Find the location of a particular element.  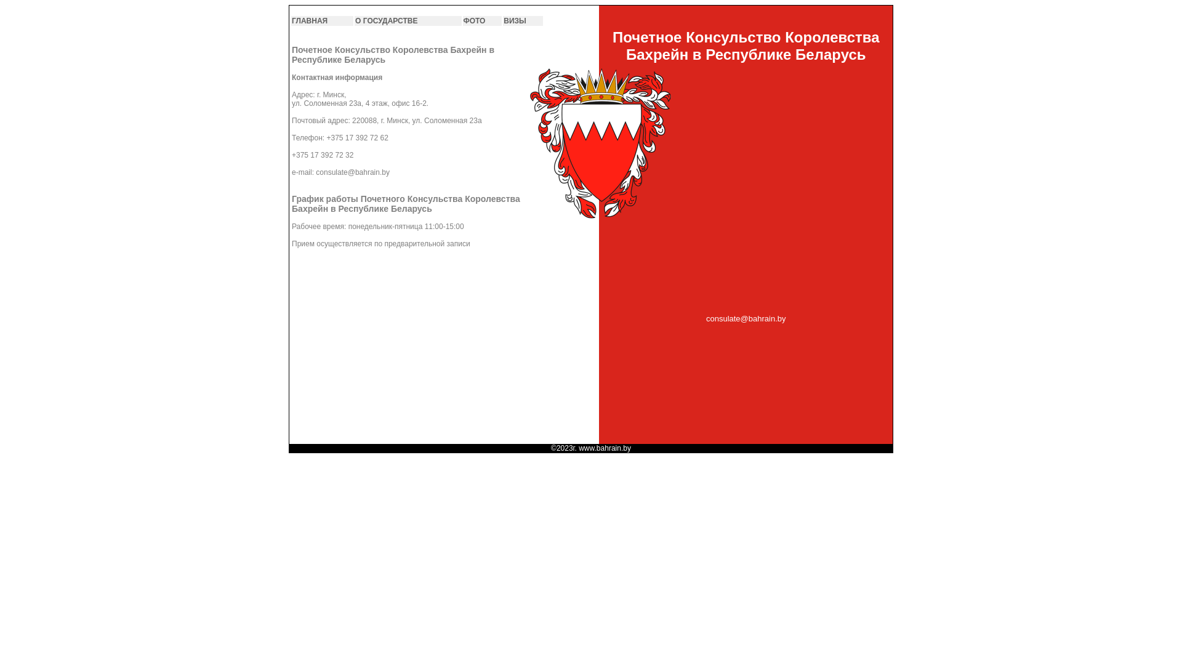

'consulate@bahrain.by' is located at coordinates (746, 323).